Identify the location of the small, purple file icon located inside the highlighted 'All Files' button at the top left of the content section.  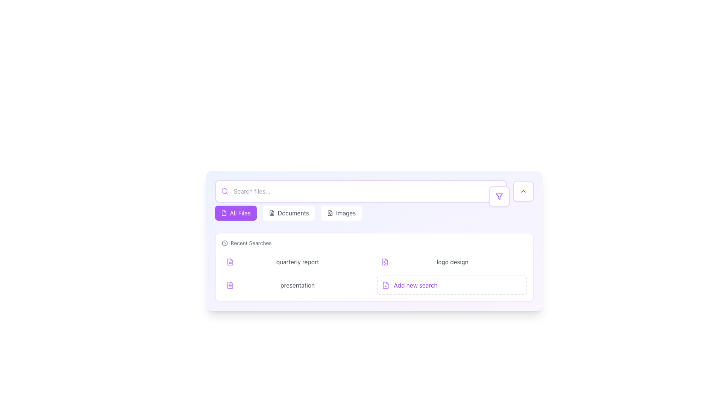
(223, 213).